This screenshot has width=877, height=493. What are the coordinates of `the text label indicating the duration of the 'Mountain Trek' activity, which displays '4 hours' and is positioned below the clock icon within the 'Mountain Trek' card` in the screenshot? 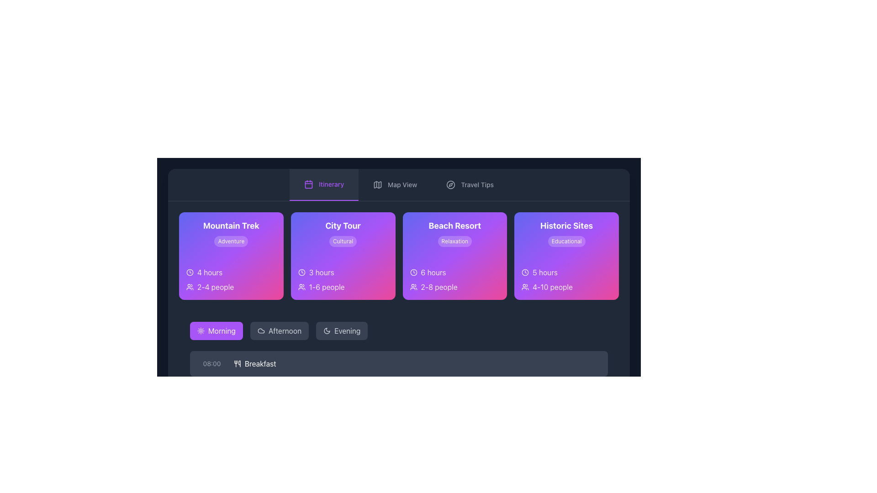 It's located at (209, 272).